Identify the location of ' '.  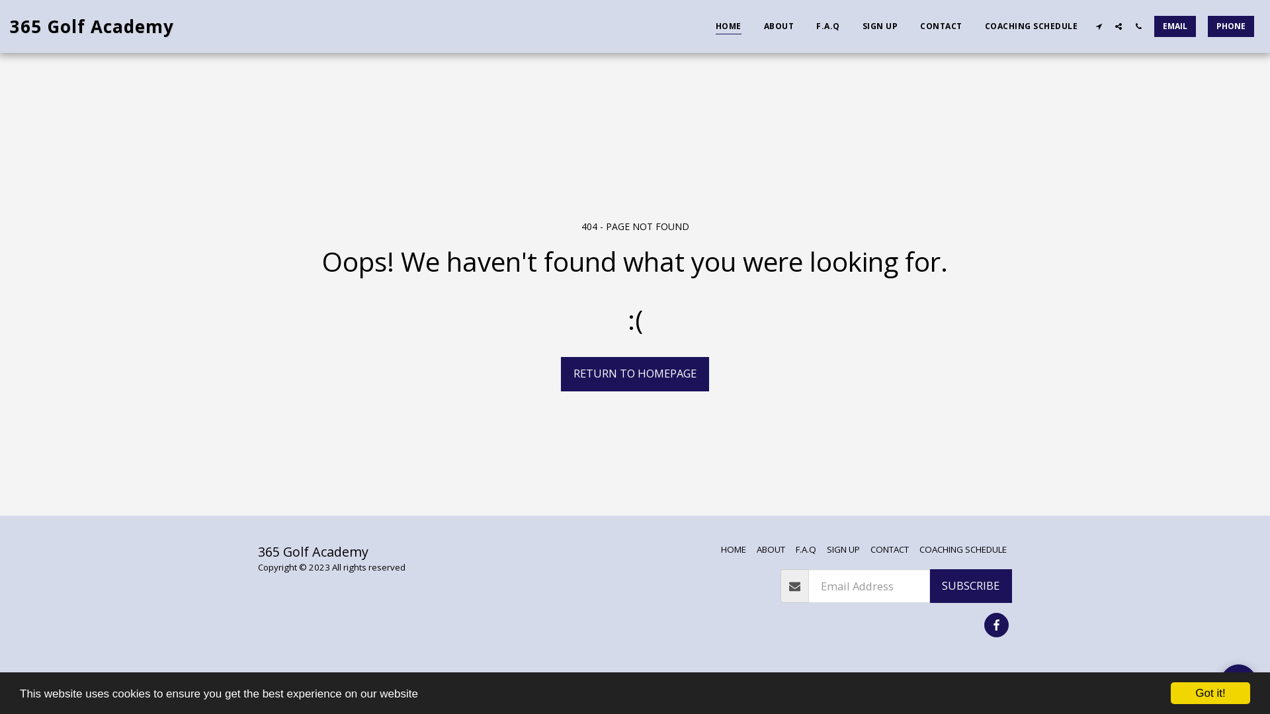
(1138, 26).